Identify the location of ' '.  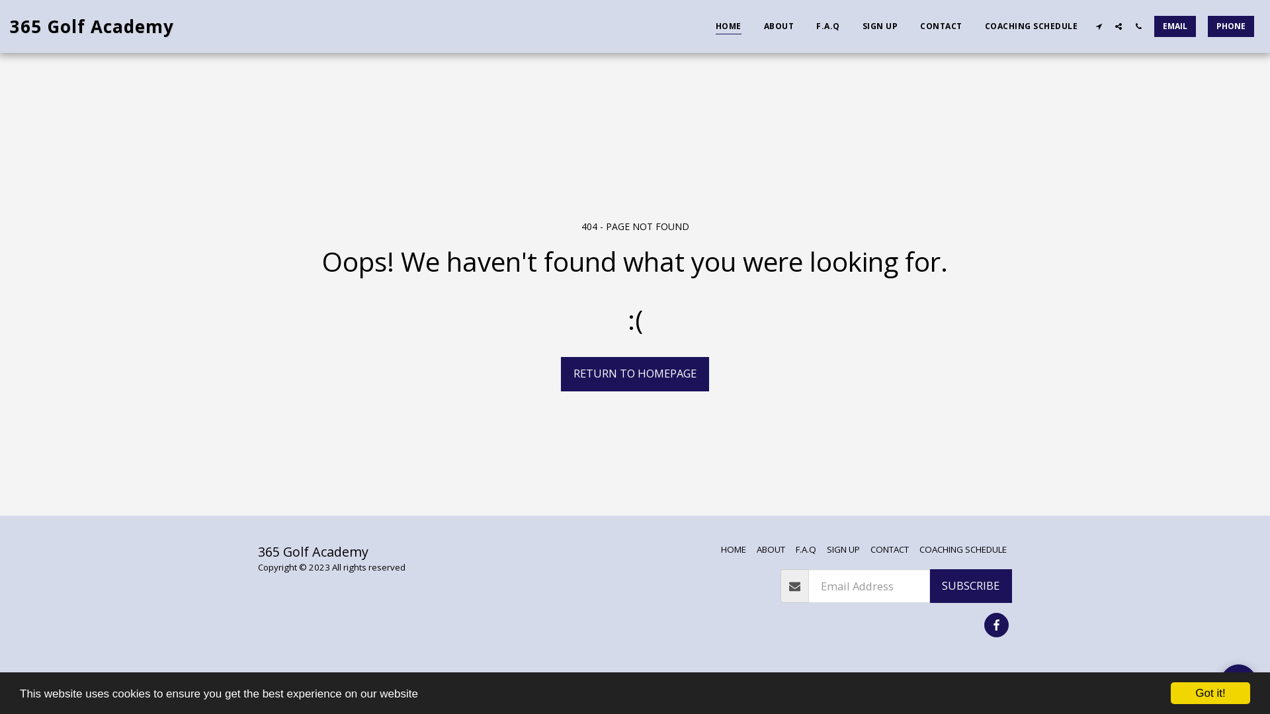
(1138, 26).